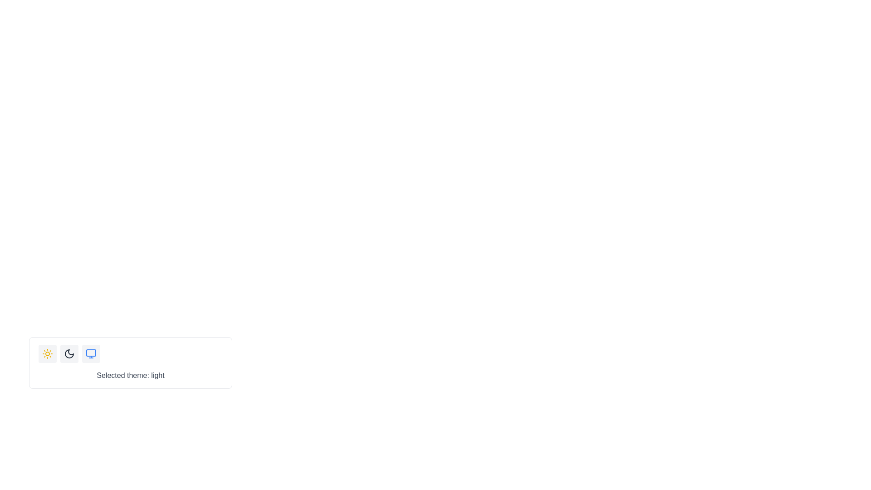 This screenshot has width=871, height=490. I want to click on the static text label reading 'light', which is styled with medium font weight and is positioned immediately to the right of 'Selected theme:', so click(158, 375).